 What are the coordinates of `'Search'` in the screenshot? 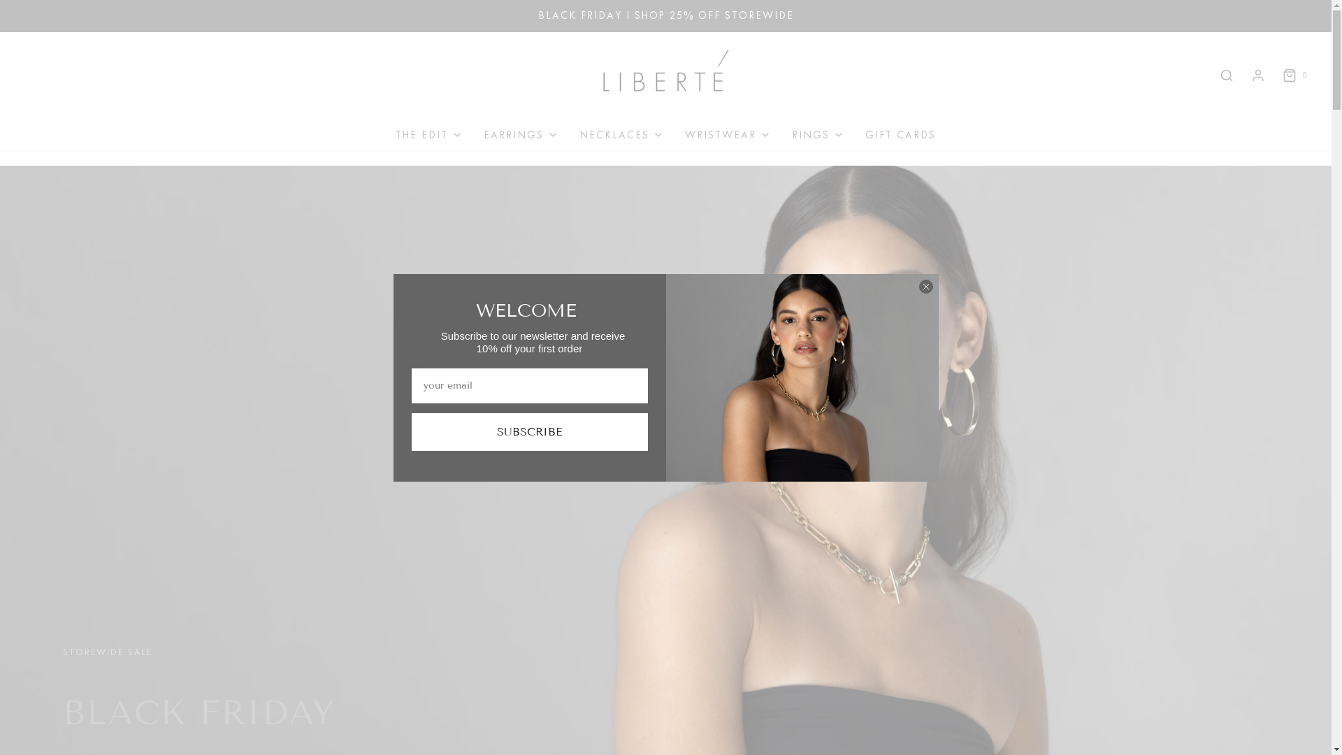 It's located at (1226, 75).